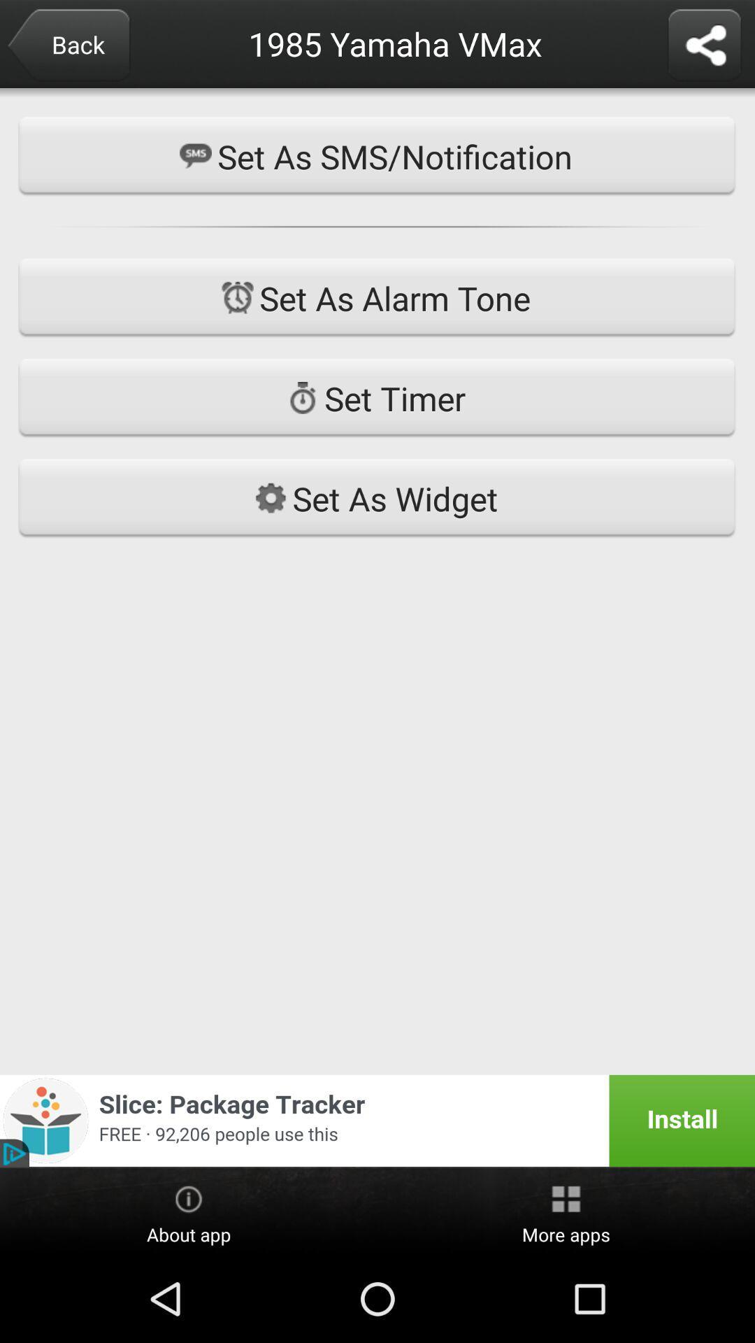  What do you see at coordinates (377, 1121) in the screenshot?
I see `add` at bounding box center [377, 1121].